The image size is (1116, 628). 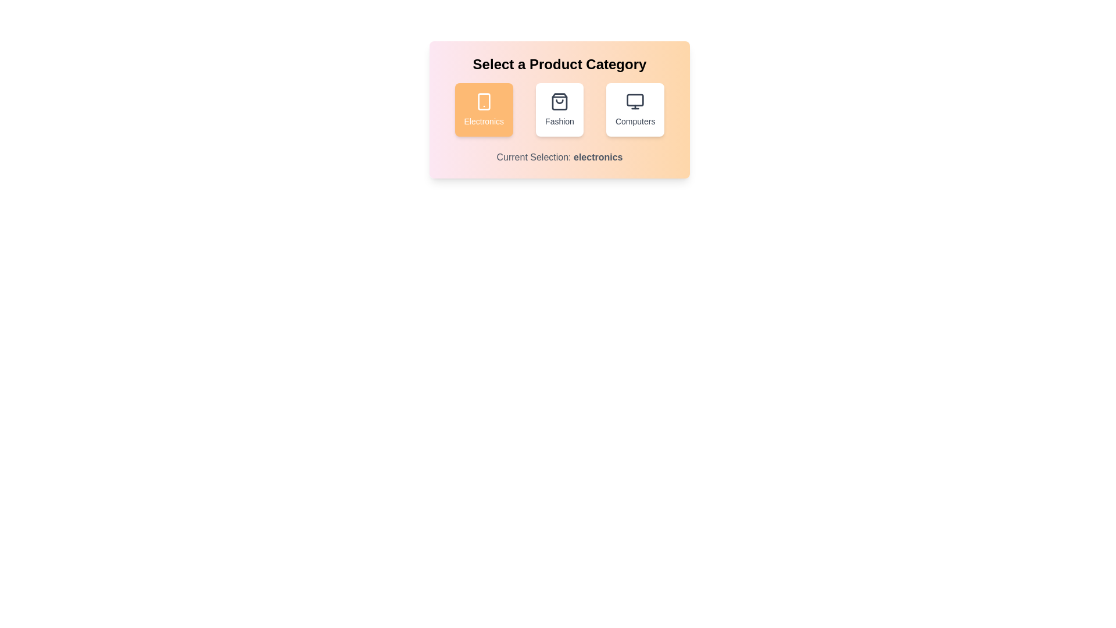 What do you see at coordinates (635, 110) in the screenshot?
I see `the 'Computers' button to select the Computers category` at bounding box center [635, 110].